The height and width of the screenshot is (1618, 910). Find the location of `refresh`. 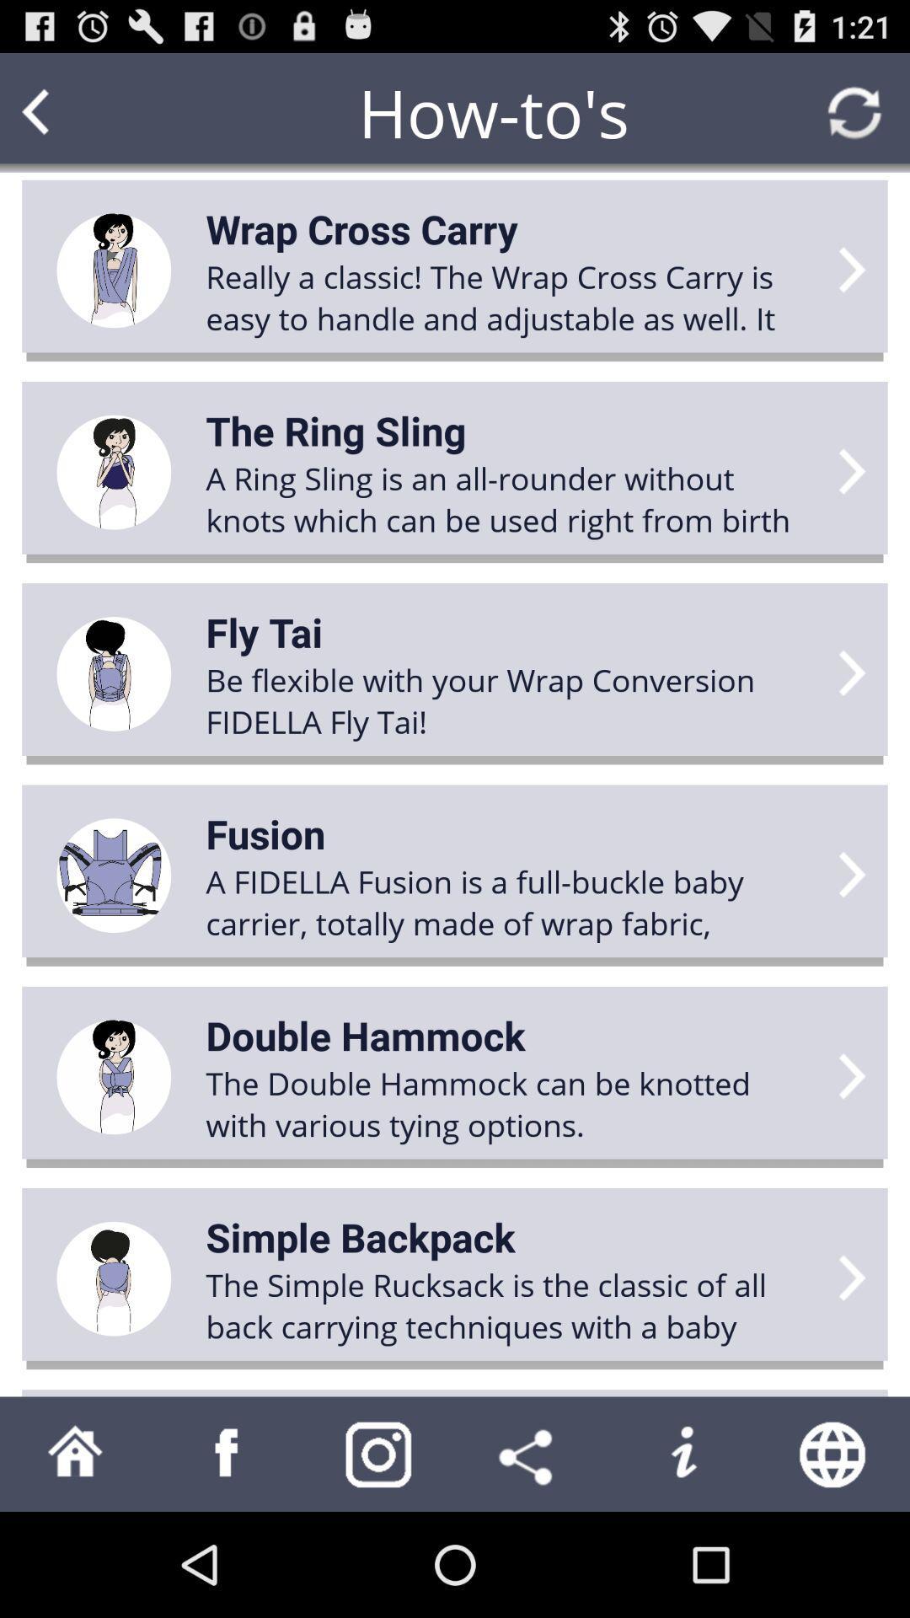

refresh is located at coordinates (854, 111).